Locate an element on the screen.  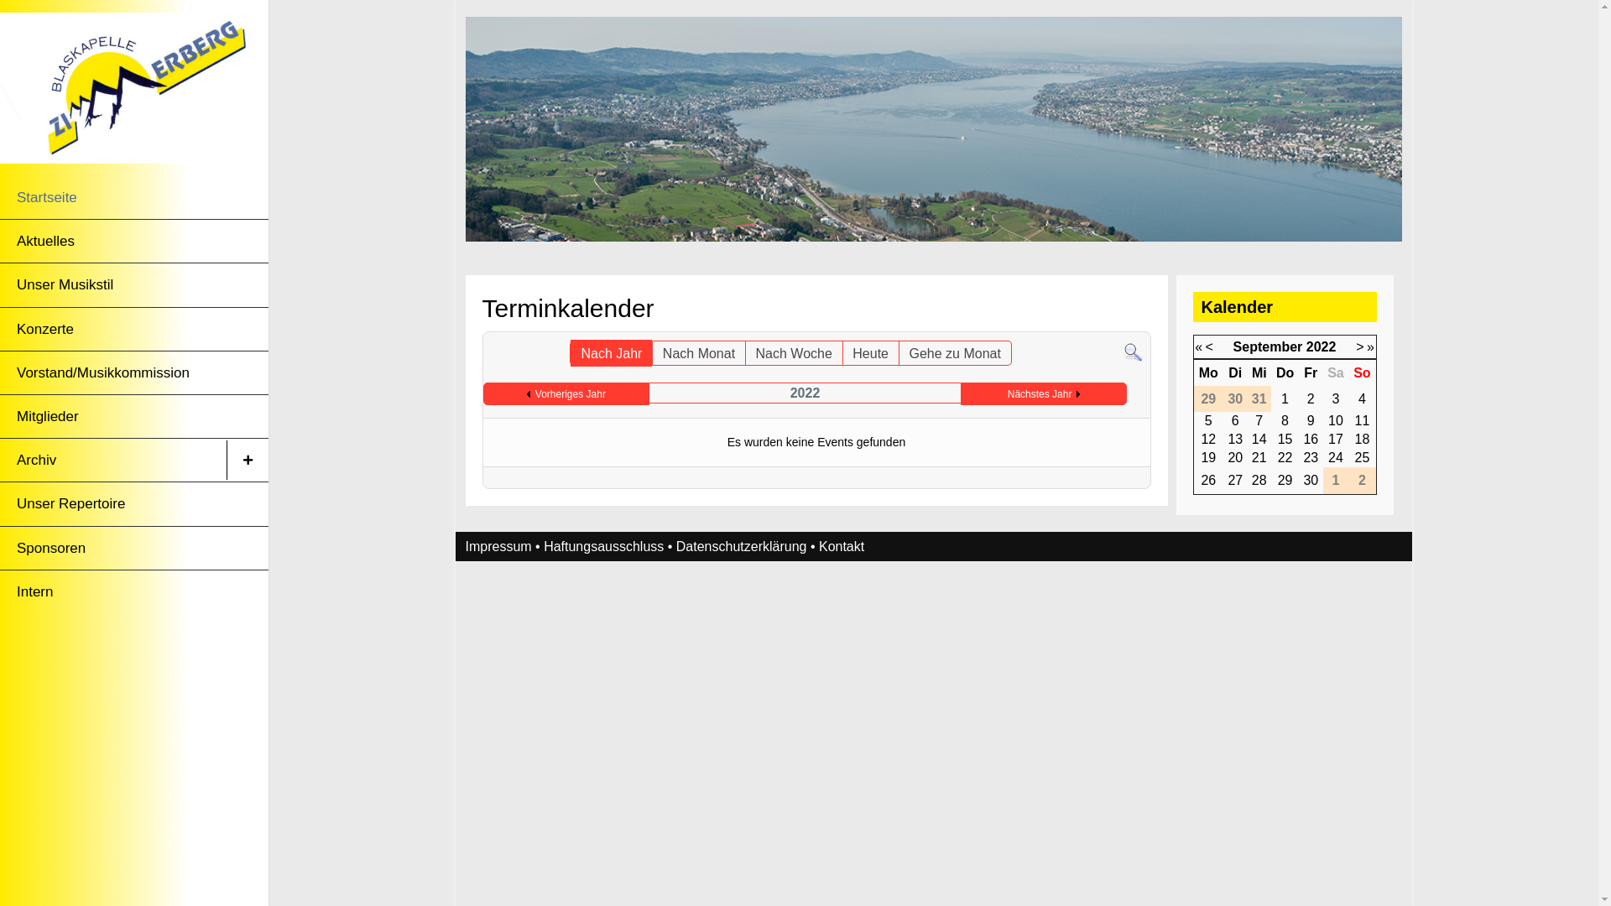
'6' is located at coordinates (1235, 419).